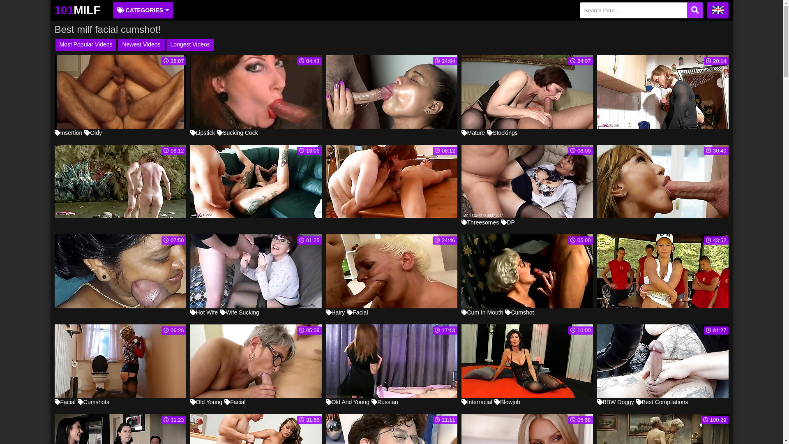 Image resolution: width=789 pixels, height=444 pixels. What do you see at coordinates (494, 402) in the screenshot?
I see `'Blowjob'` at bounding box center [494, 402].